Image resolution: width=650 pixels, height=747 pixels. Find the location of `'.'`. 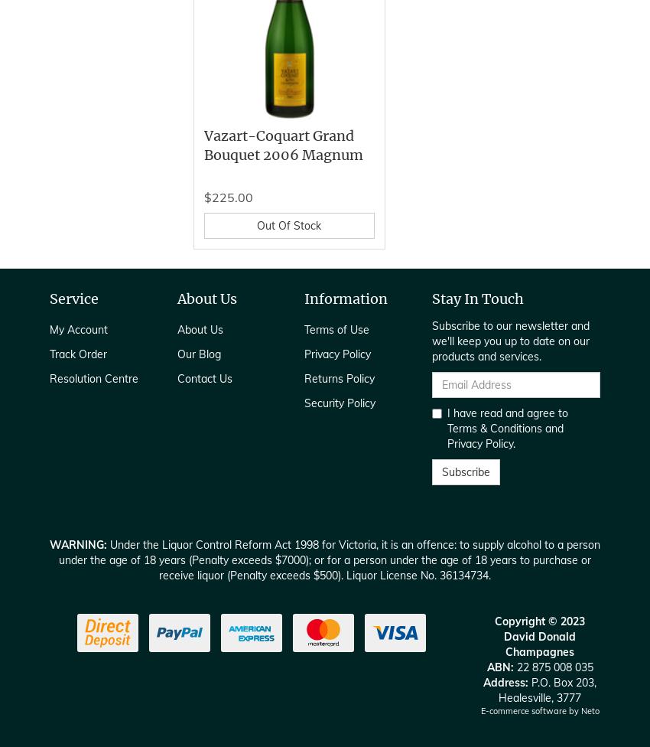

'.' is located at coordinates (512, 442).